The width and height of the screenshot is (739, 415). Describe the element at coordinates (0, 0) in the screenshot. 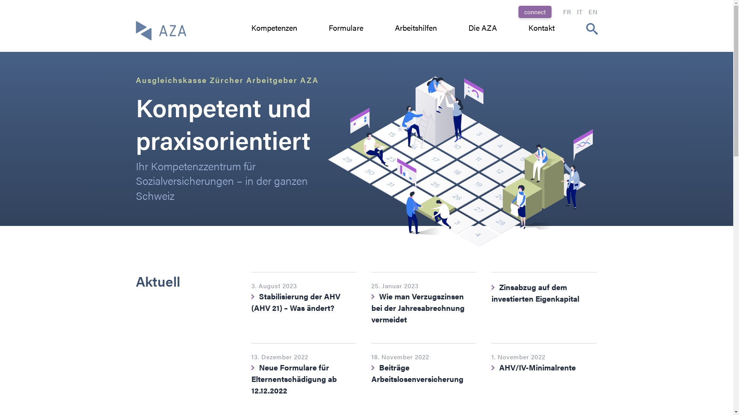

I see `'Zum Inhalt springen'` at that location.